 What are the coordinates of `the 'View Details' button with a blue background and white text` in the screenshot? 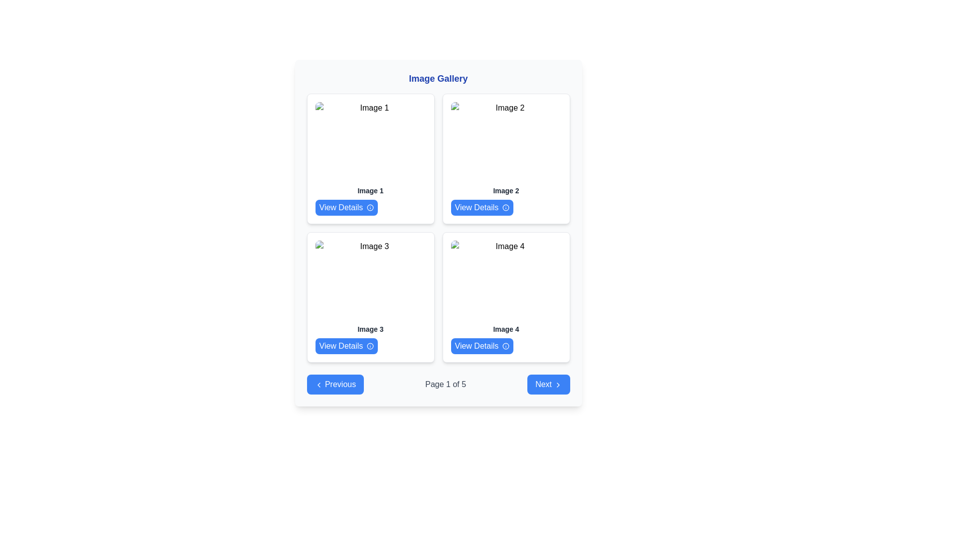 It's located at (482, 207).